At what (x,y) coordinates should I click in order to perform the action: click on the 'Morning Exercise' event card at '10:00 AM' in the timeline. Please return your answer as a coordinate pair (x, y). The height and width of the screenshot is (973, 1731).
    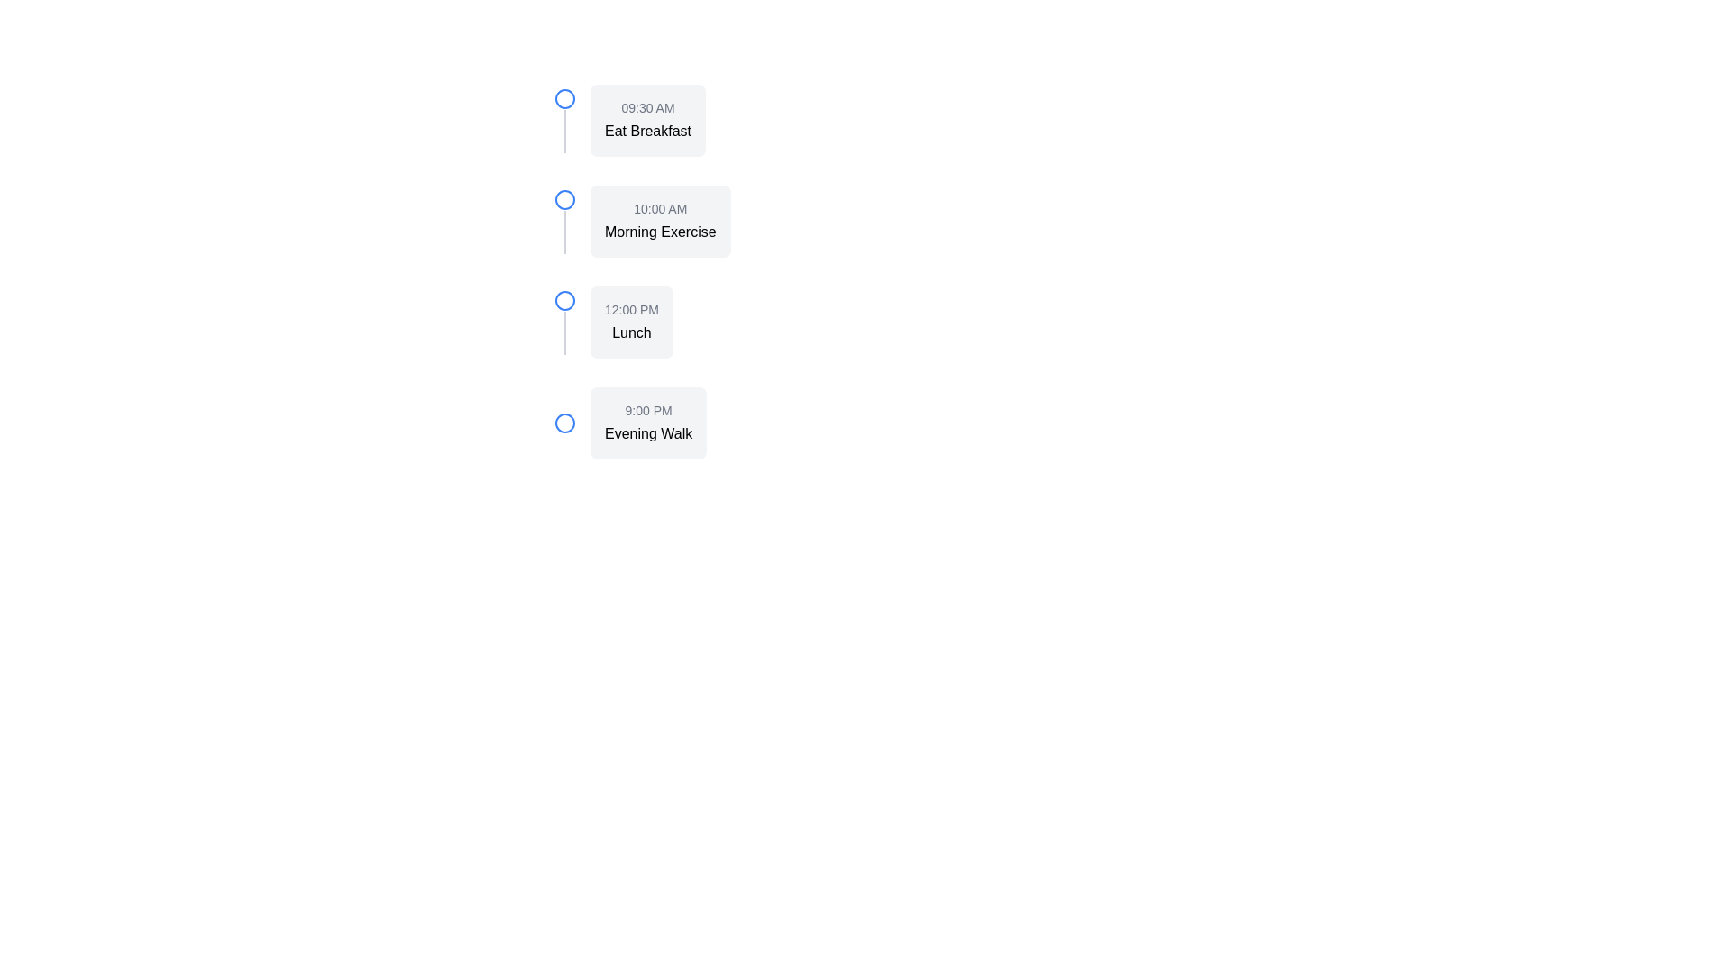
    Looking at the image, I should click on (659, 221).